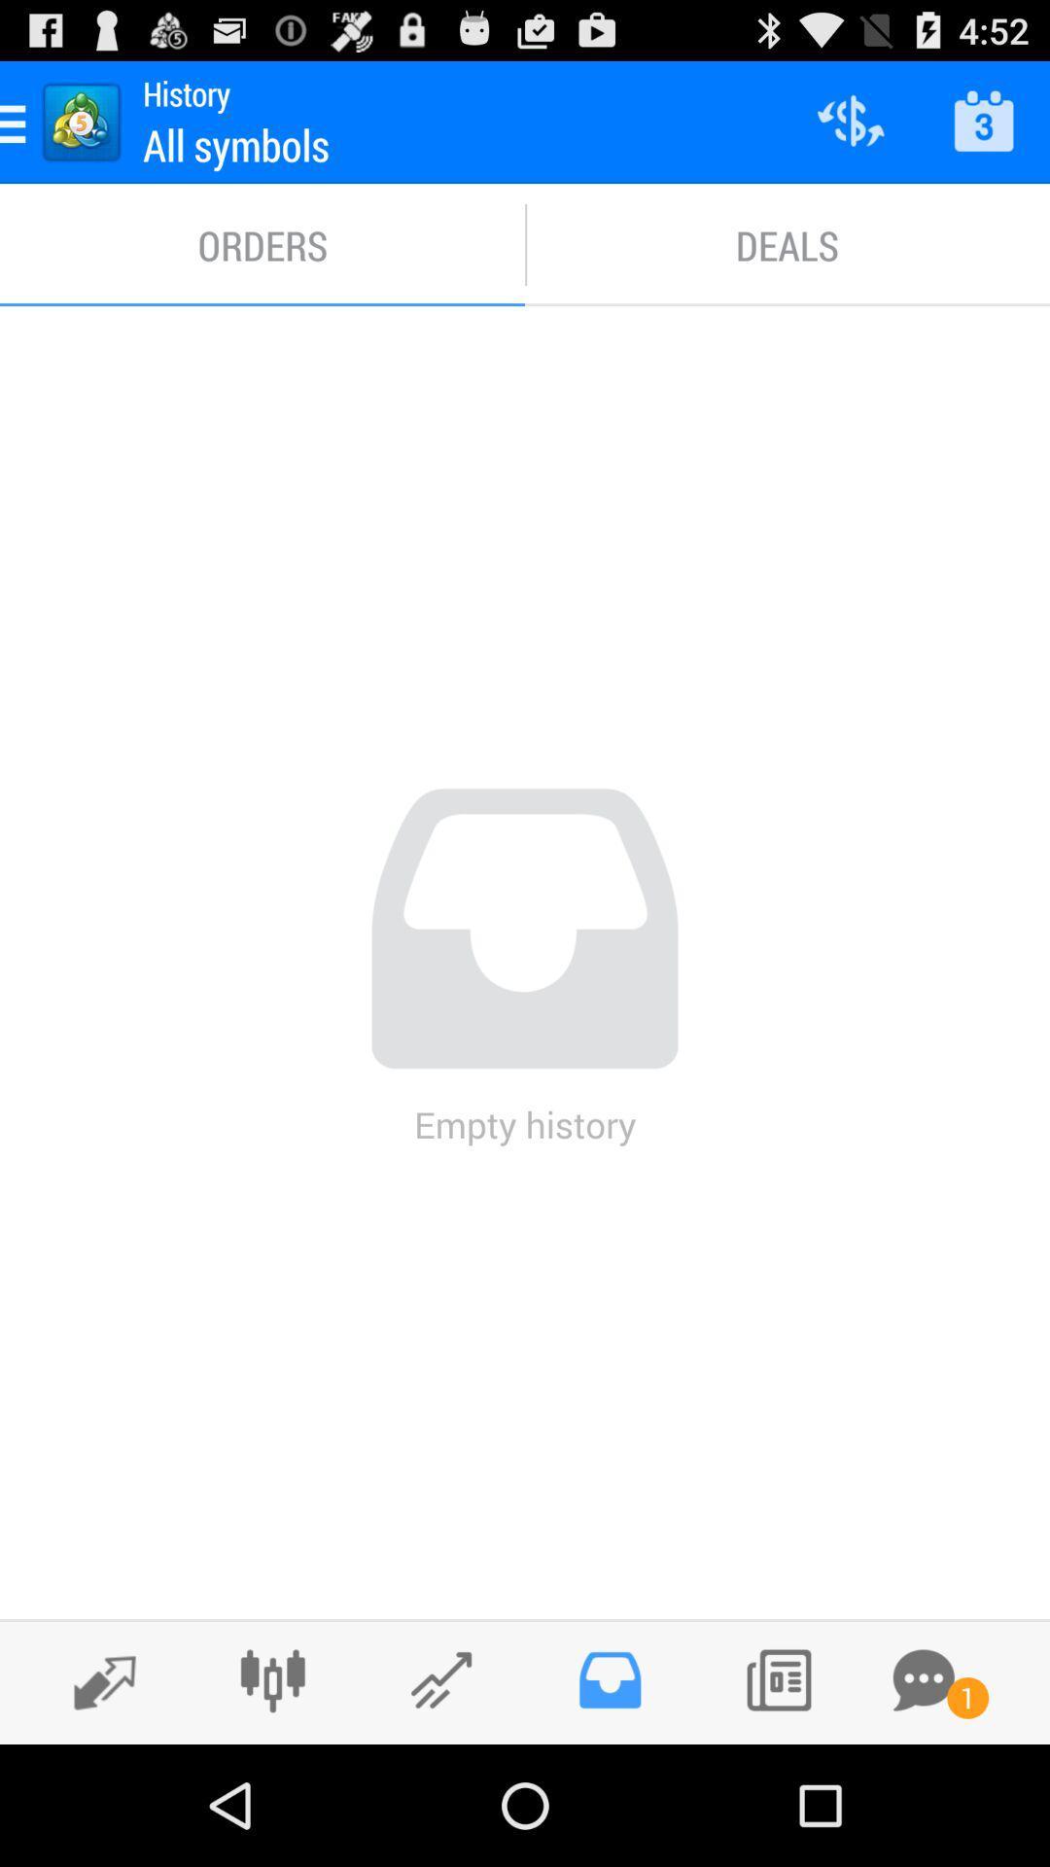 The width and height of the screenshot is (1050, 1867). Describe the element at coordinates (94, 1798) in the screenshot. I see `the edit icon` at that location.